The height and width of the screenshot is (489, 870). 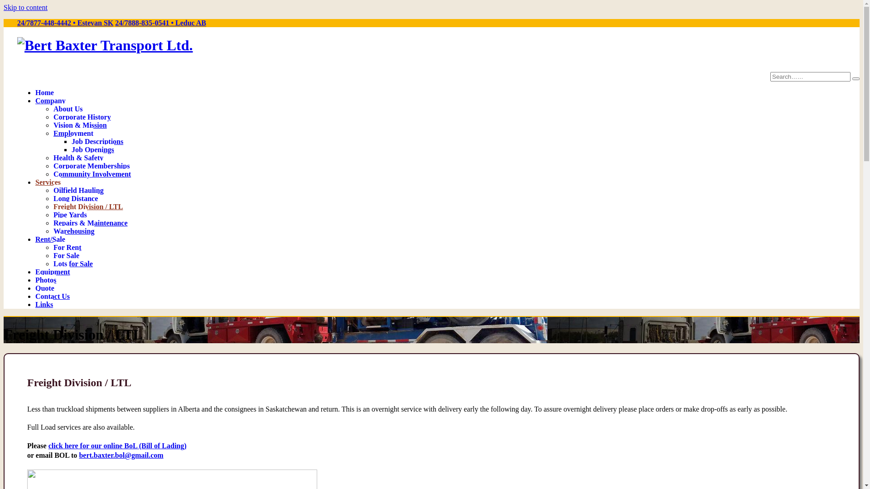 I want to click on 'Job Descriptions', so click(x=97, y=141).